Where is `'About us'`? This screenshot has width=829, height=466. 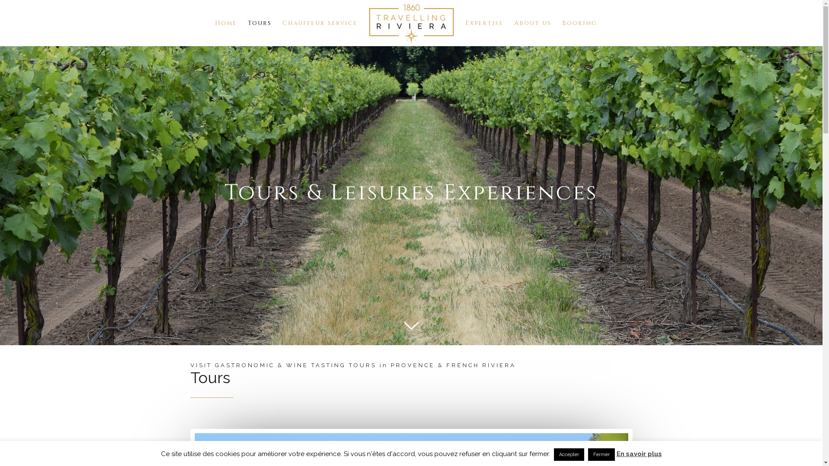
'About us' is located at coordinates (532, 23).